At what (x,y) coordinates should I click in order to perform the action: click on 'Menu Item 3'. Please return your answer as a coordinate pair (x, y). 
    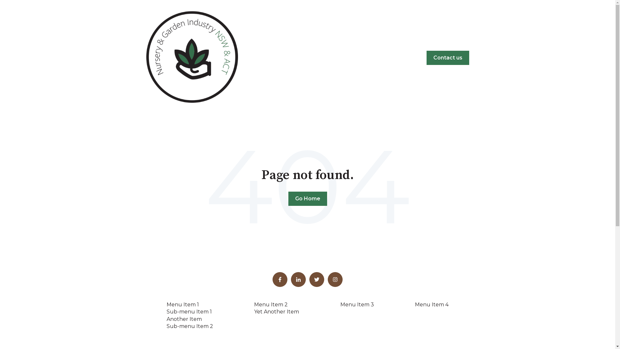
    Looking at the image, I should click on (356, 304).